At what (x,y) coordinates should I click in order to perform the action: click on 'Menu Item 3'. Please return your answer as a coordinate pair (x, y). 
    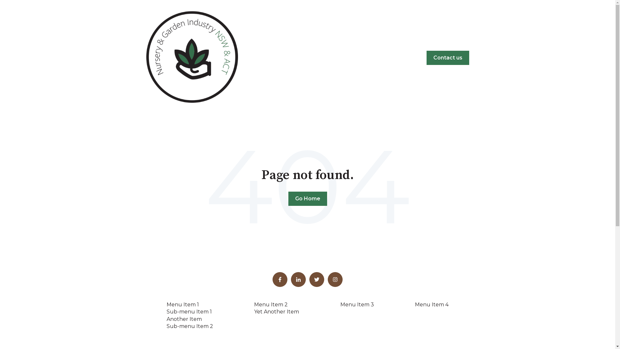
    Looking at the image, I should click on (356, 304).